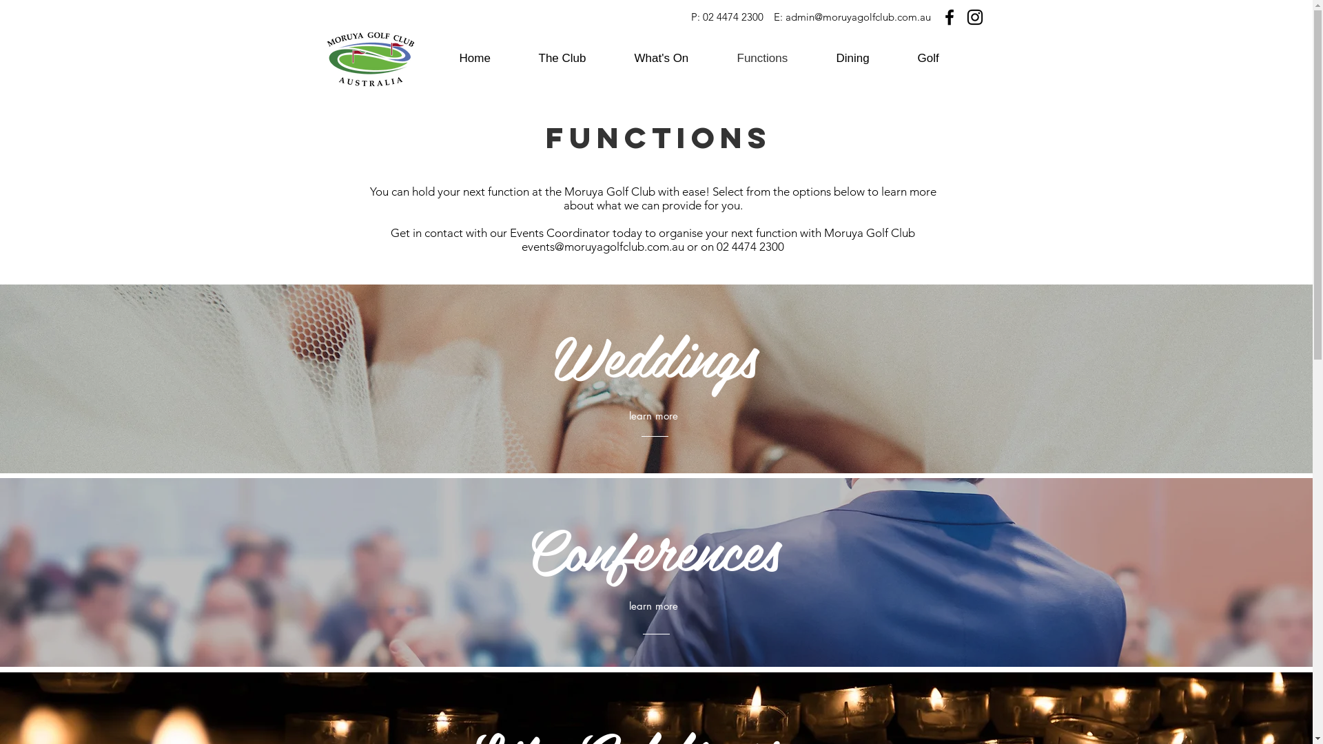 Image resolution: width=1323 pixels, height=744 pixels. What do you see at coordinates (851, 17) in the screenshot?
I see `'E: admin@moruyagolfclub.com.au'` at bounding box center [851, 17].